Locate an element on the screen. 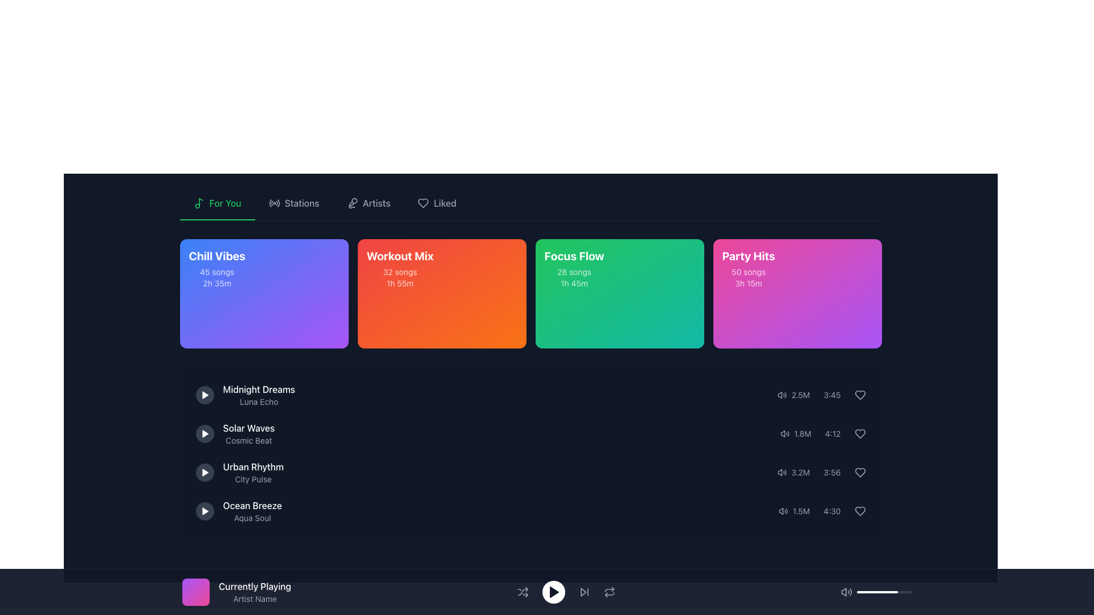 The width and height of the screenshot is (1094, 615). the text label displaying 'Chill Vibes', which is large, bold, and white, located in the top-left card of the grid is located at coordinates (217, 256).